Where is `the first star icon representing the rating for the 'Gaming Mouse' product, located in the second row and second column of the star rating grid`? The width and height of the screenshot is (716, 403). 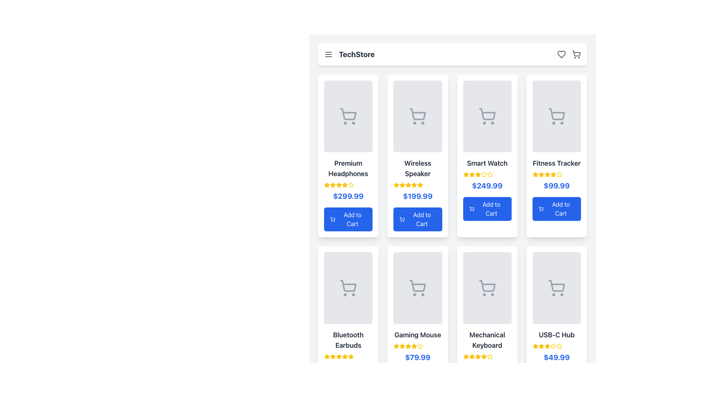 the first star icon representing the rating for the 'Gaming Mouse' product, located in the second row and second column of the star rating grid is located at coordinates (396, 346).